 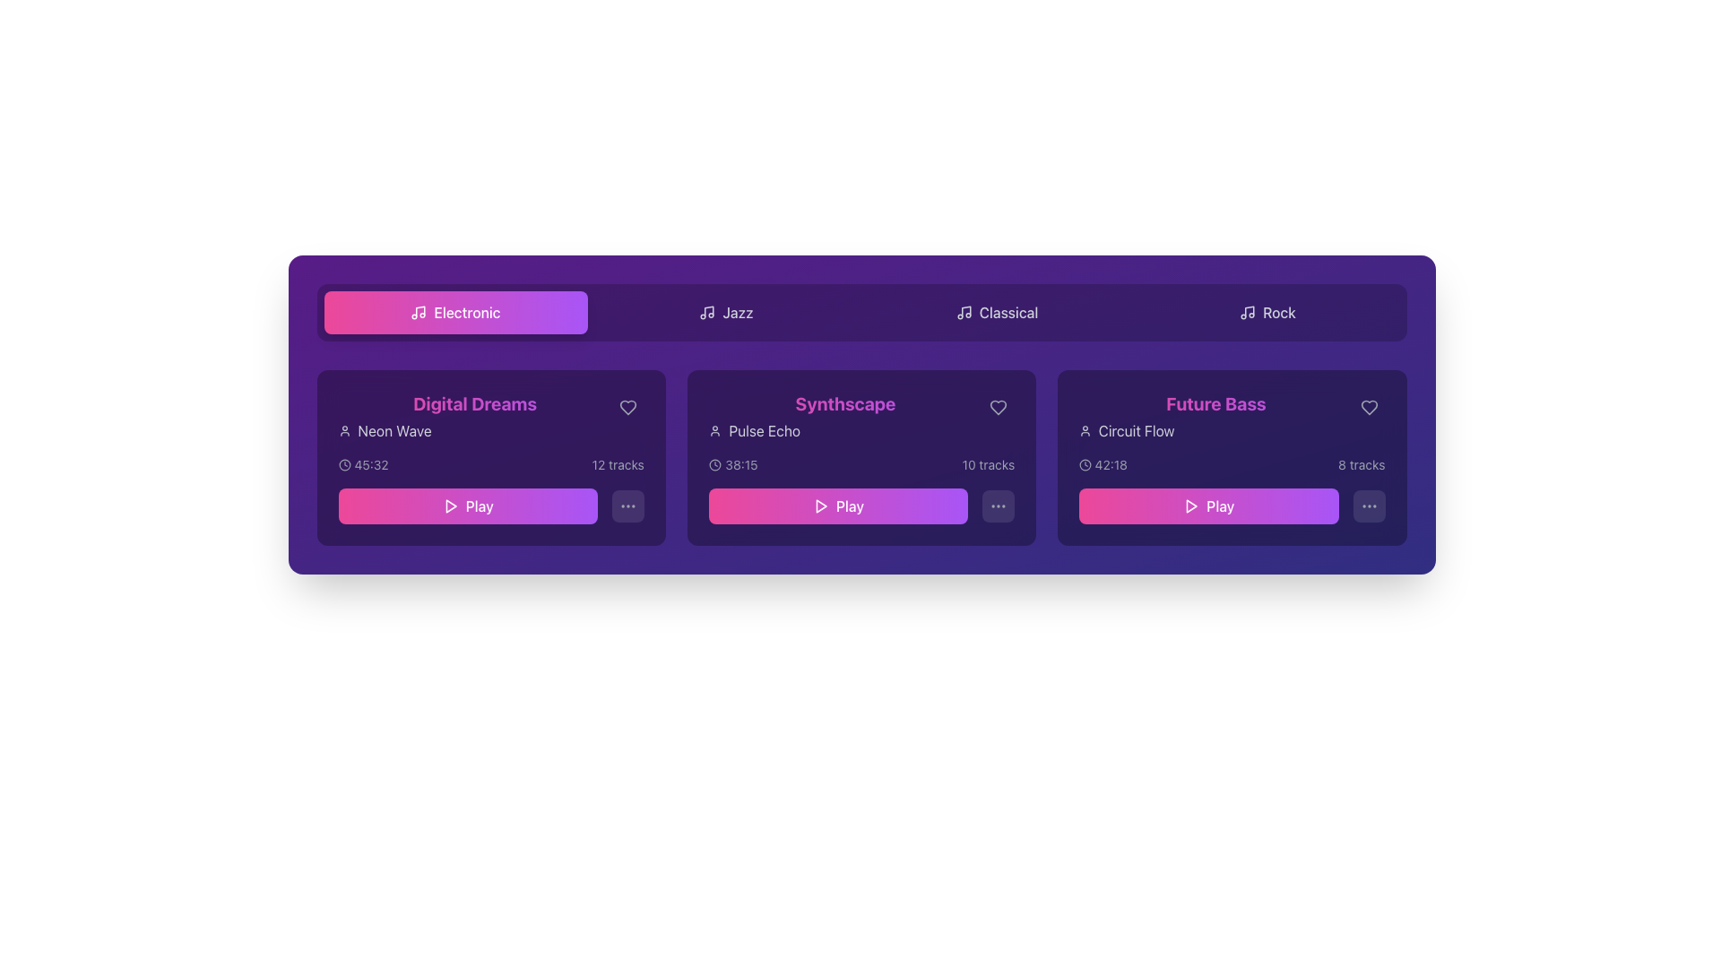 I want to click on the play icon representing the play action for the music track associated with the 'Synthscape' card, which is centrally positioned within the 'Play' button, so click(x=820, y=506).